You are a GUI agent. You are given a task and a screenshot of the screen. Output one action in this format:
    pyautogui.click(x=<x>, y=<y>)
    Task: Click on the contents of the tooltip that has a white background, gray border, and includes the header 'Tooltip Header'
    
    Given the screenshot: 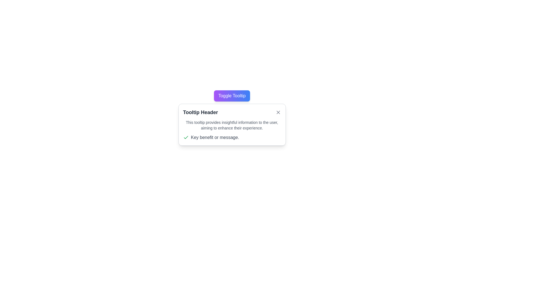 What is the action you would take?
    pyautogui.click(x=232, y=124)
    